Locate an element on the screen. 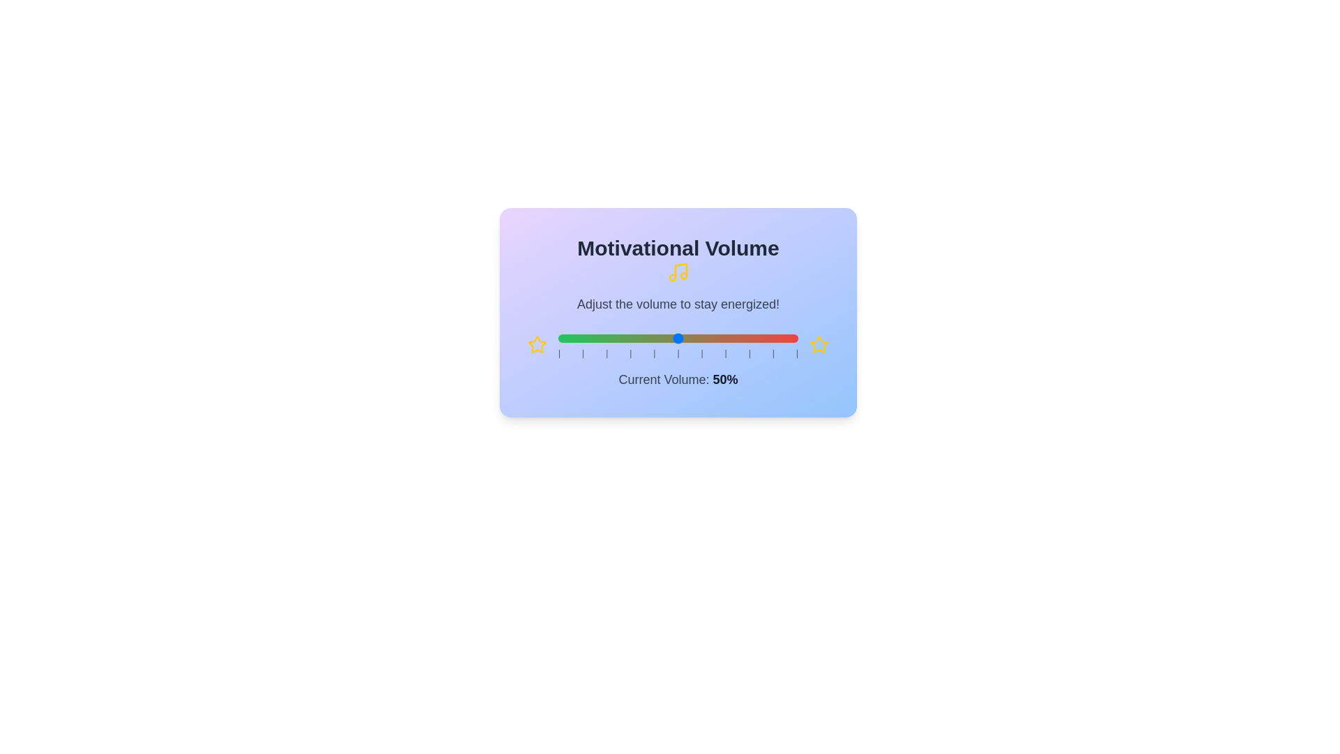  the star icon corresponding to 1 is located at coordinates (536, 344).